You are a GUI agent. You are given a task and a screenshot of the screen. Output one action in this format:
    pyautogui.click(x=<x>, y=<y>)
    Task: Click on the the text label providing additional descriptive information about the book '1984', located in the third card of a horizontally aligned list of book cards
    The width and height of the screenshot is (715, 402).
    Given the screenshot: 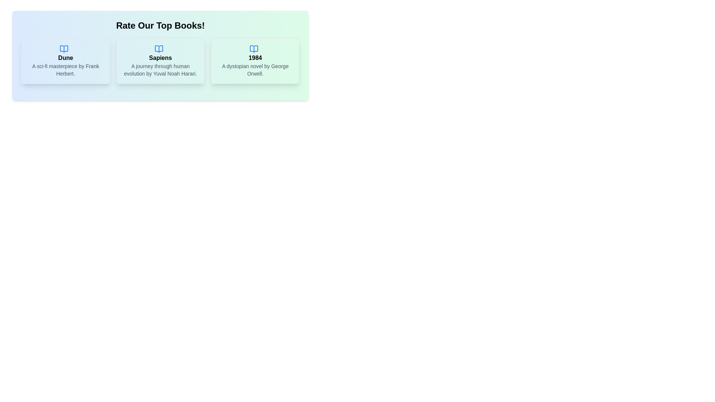 What is the action you would take?
    pyautogui.click(x=255, y=70)
    